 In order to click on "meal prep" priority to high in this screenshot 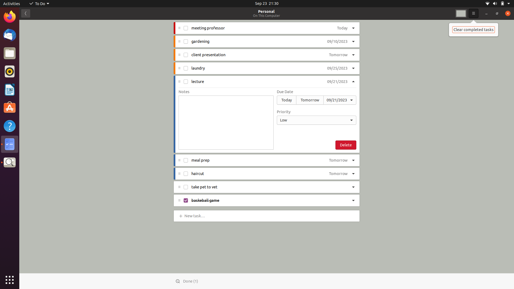, I will do `click(354, 160)`.